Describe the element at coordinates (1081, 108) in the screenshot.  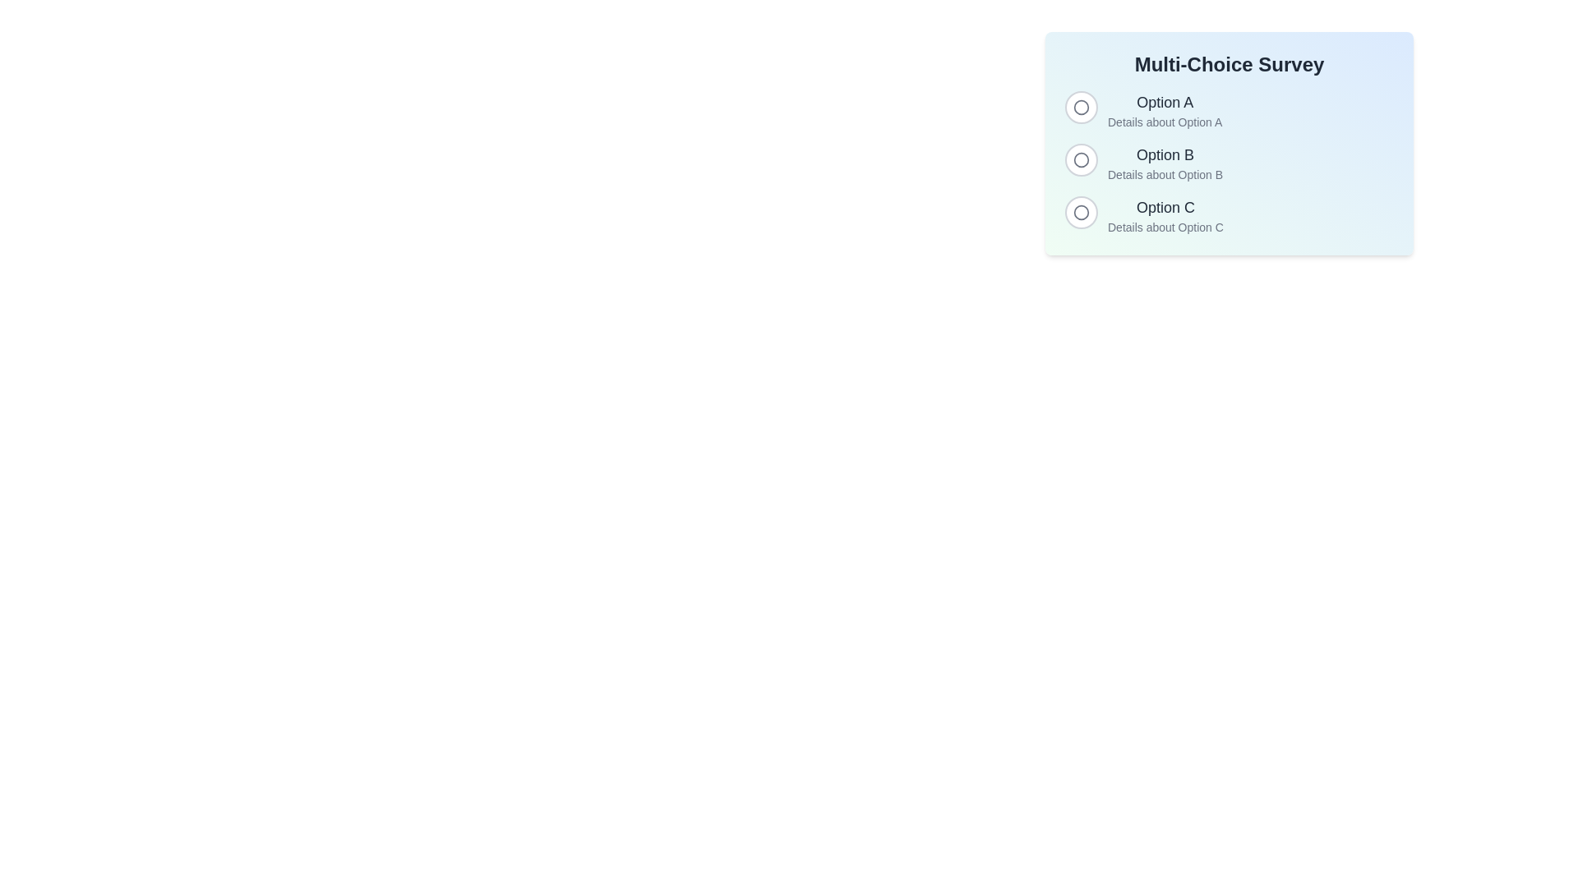
I see `the circular radio button indicator with a gray border located to the left of the label 'Option A' in the survey interface to focus on it` at that location.